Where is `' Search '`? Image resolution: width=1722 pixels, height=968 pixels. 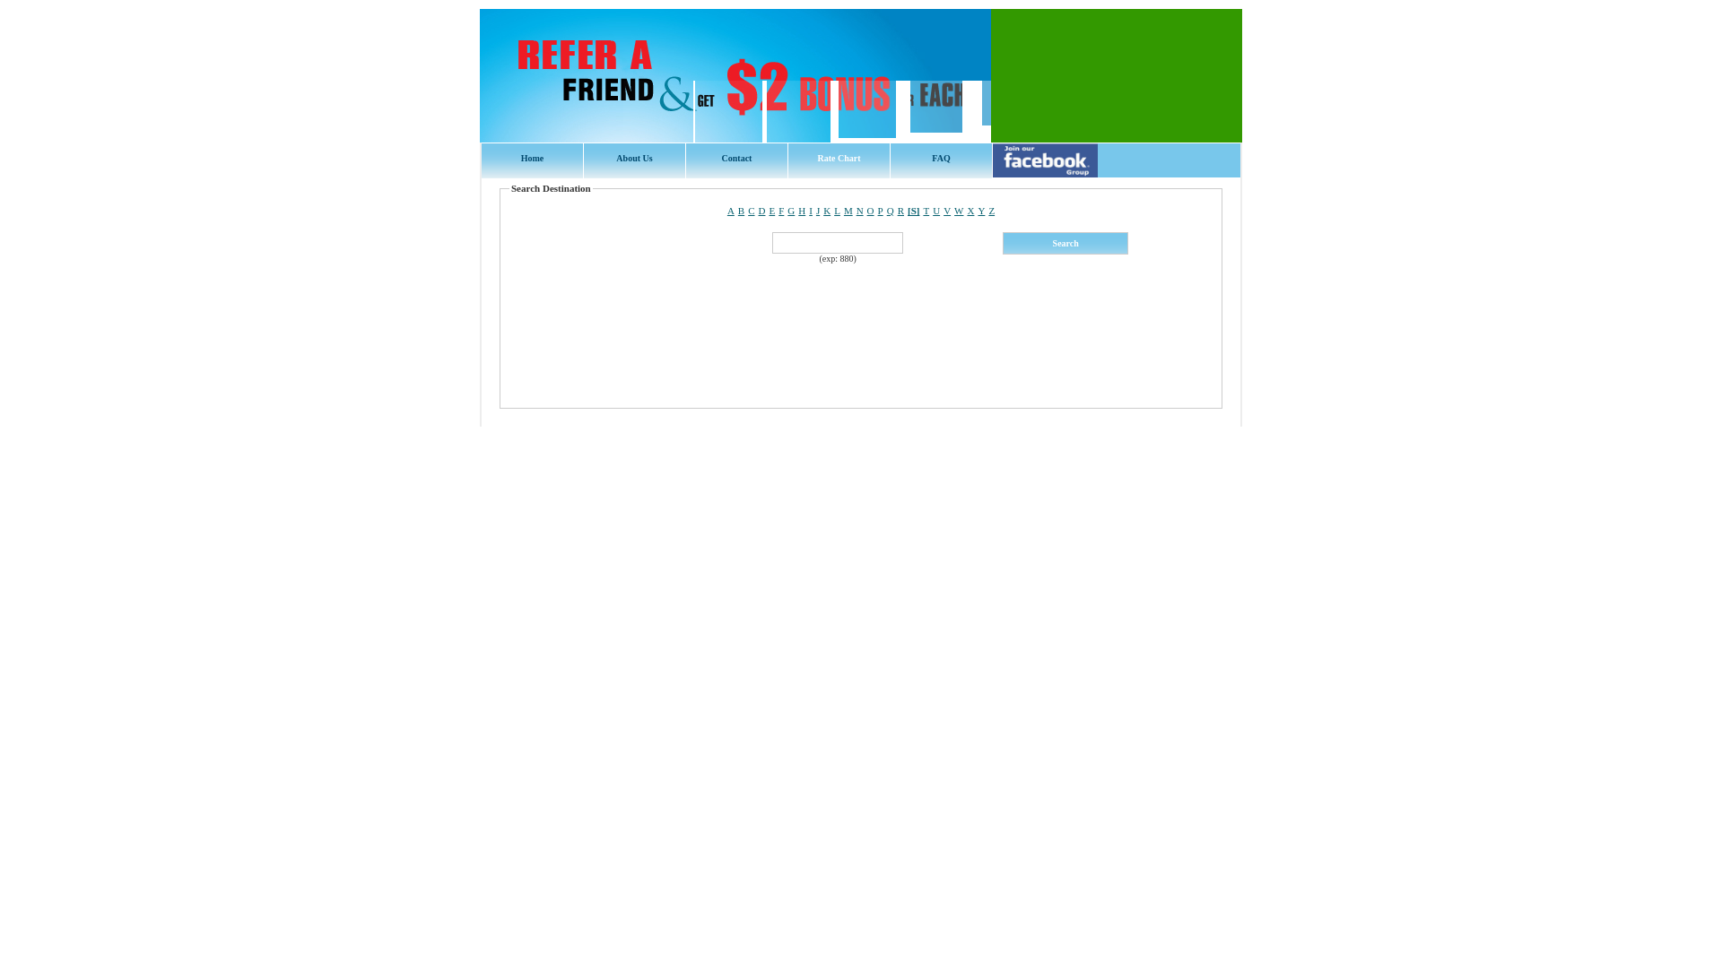 ' Search ' is located at coordinates (1065, 243).